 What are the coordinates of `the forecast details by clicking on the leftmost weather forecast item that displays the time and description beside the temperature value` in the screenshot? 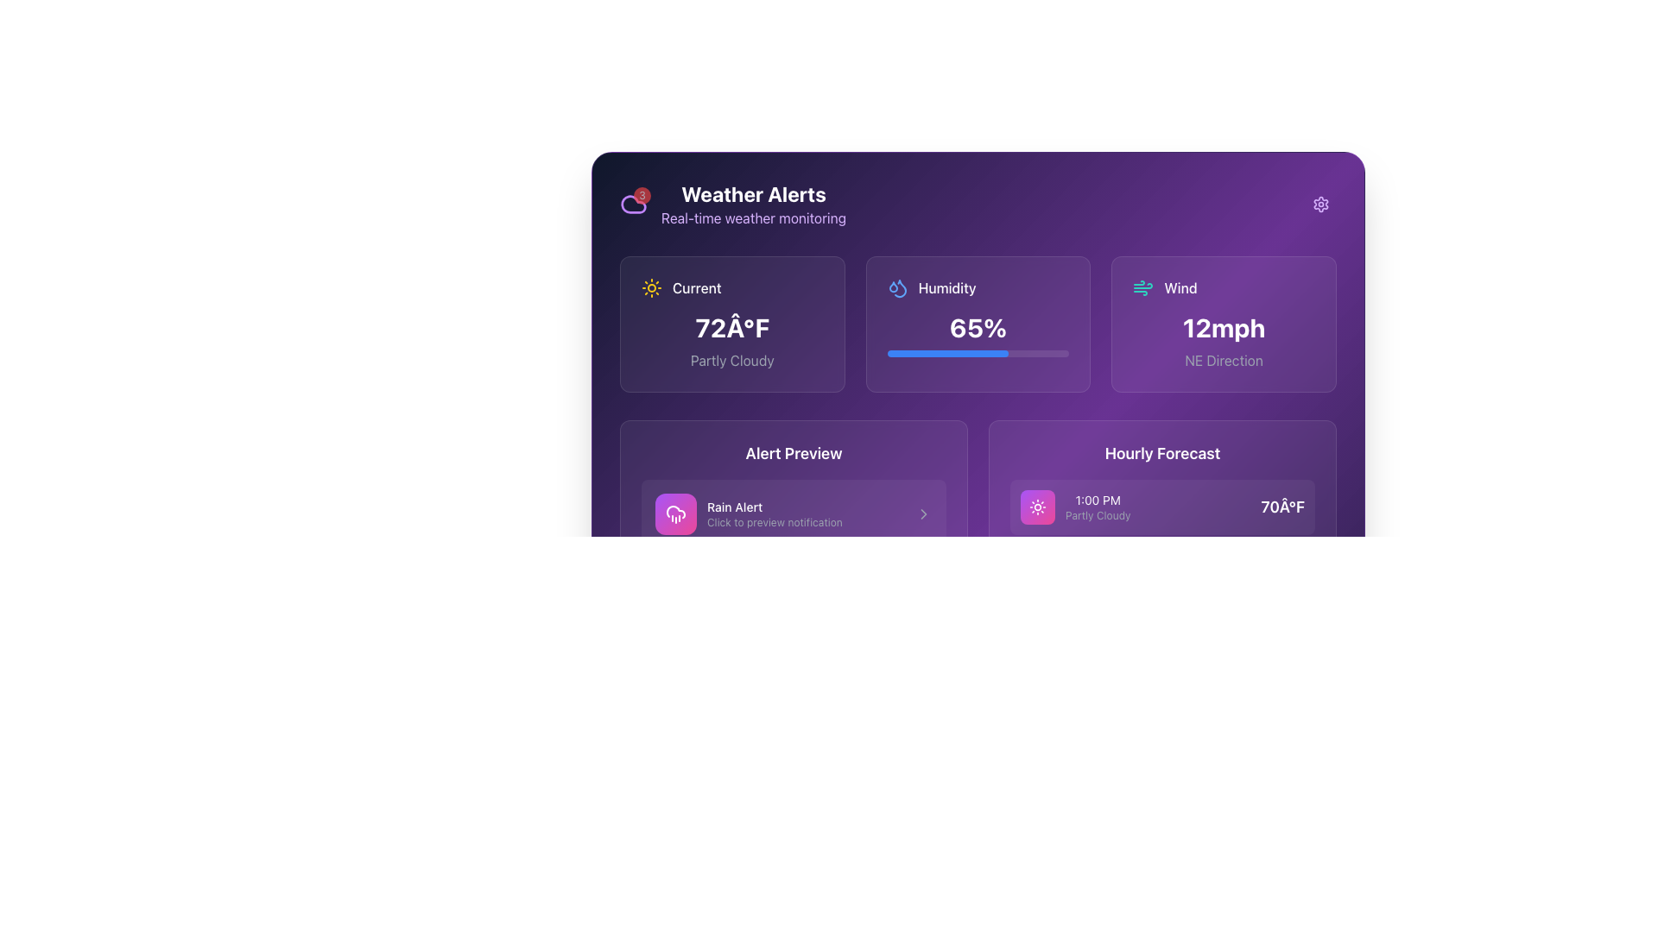 It's located at (1074, 715).